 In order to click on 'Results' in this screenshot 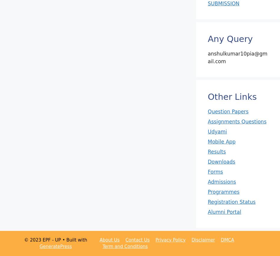, I will do `click(216, 151)`.